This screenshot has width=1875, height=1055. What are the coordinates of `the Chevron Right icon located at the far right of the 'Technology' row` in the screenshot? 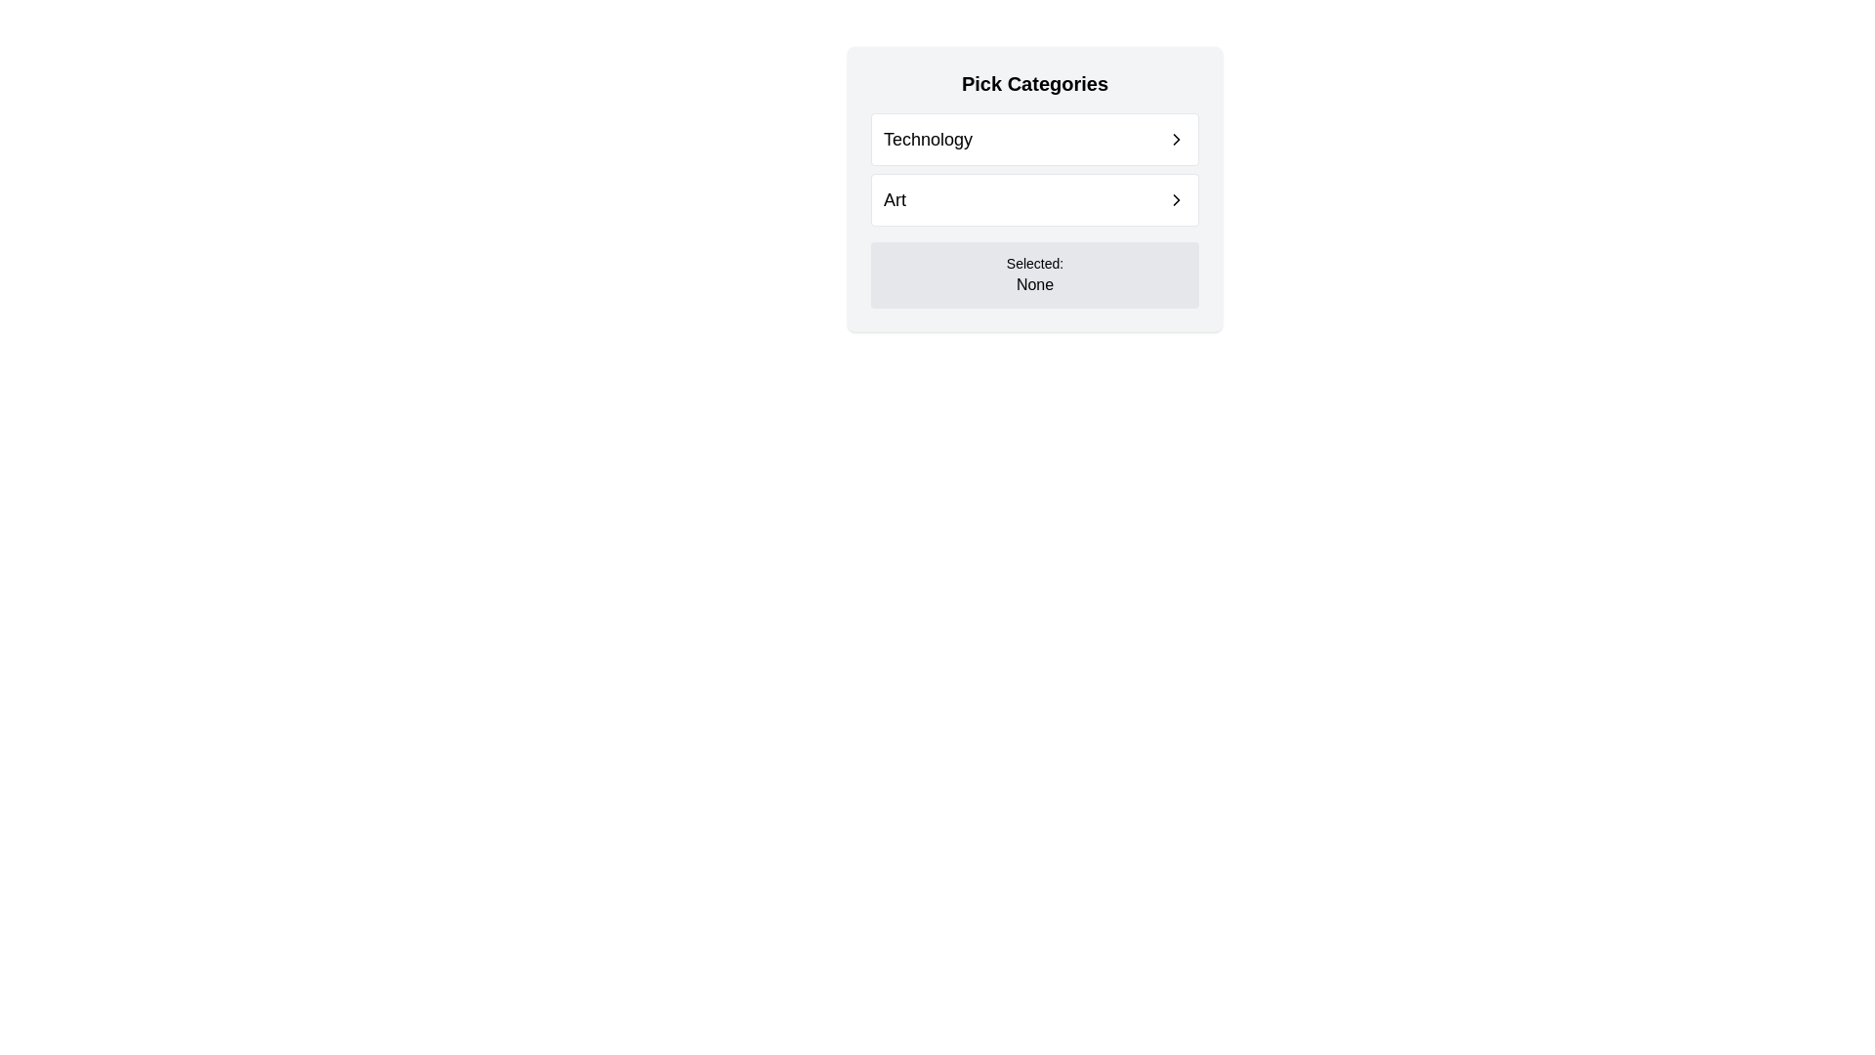 It's located at (1175, 138).